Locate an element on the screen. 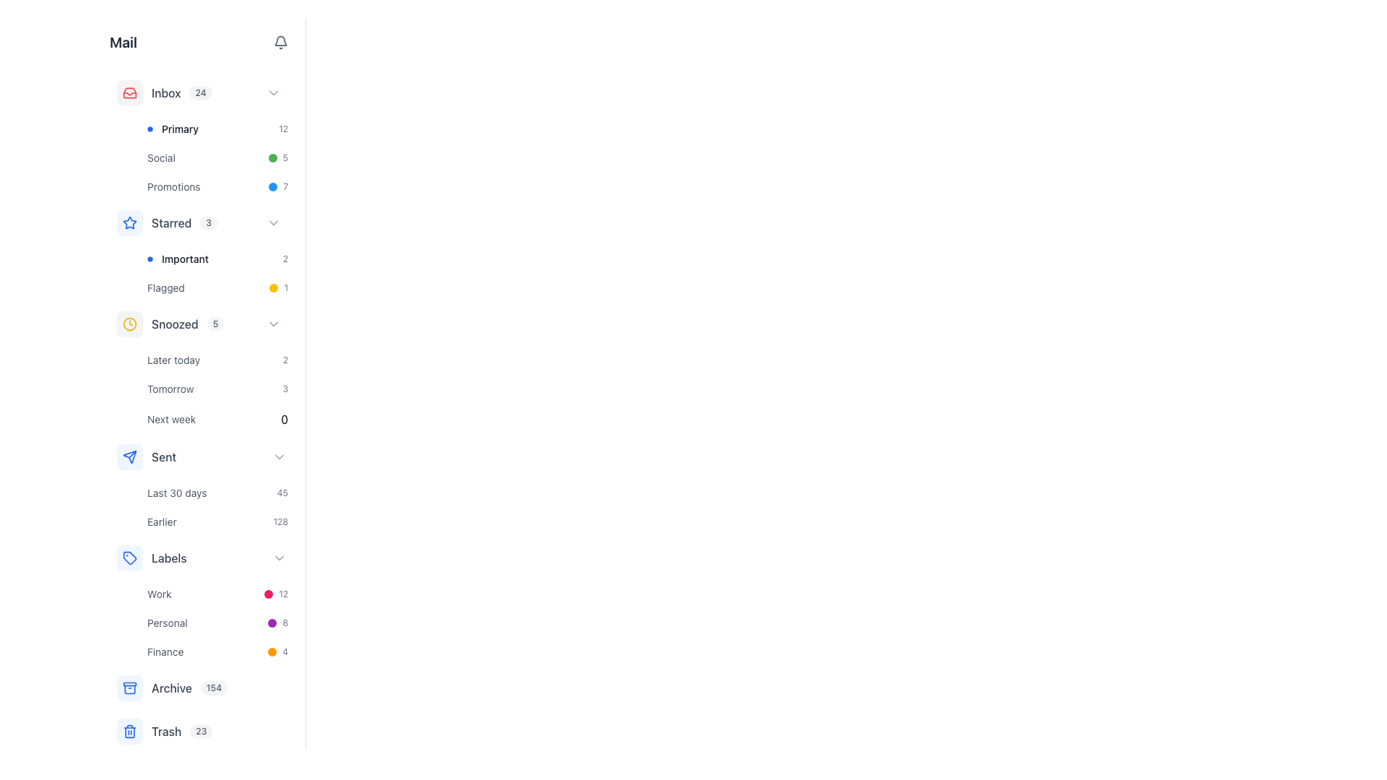 Image resolution: width=1387 pixels, height=780 pixels. the navigational button located in the left panel under the 'Inbox' category is located at coordinates (217, 128).